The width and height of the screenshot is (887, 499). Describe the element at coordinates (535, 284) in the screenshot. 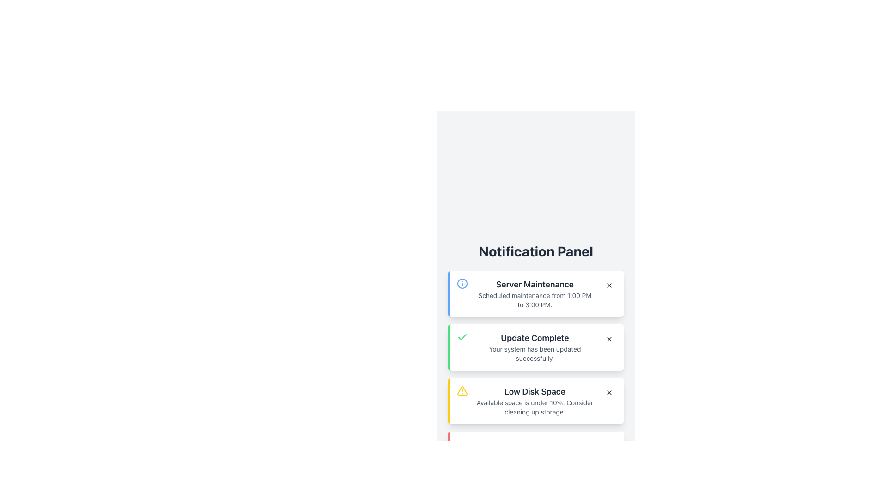

I see `the text element labeled 'Server Maintenance' which is styled in bold and larger font, prominently displayed at the top of the notification block` at that location.